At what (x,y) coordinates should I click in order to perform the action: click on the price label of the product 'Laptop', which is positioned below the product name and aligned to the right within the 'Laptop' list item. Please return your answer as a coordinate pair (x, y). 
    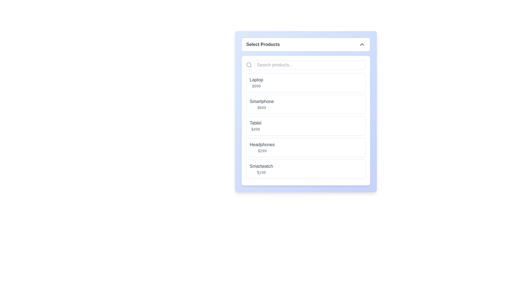
    Looking at the image, I should click on (256, 86).